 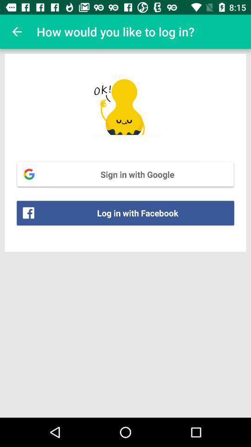 I want to click on item above the sign in with item, so click(x=17, y=32).